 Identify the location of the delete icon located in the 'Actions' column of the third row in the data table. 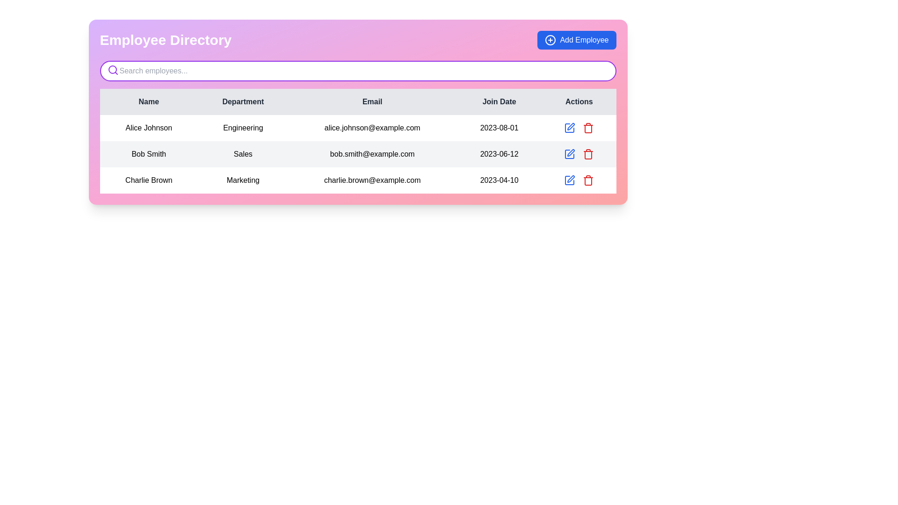
(588, 154).